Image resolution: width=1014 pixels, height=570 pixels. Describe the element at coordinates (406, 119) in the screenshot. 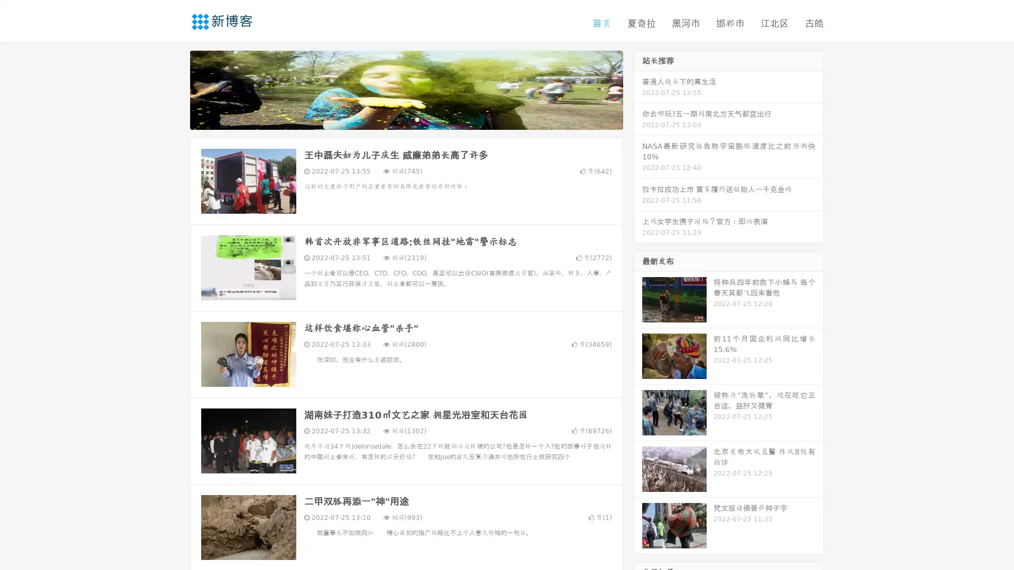

I see `Go to slide 2` at that location.